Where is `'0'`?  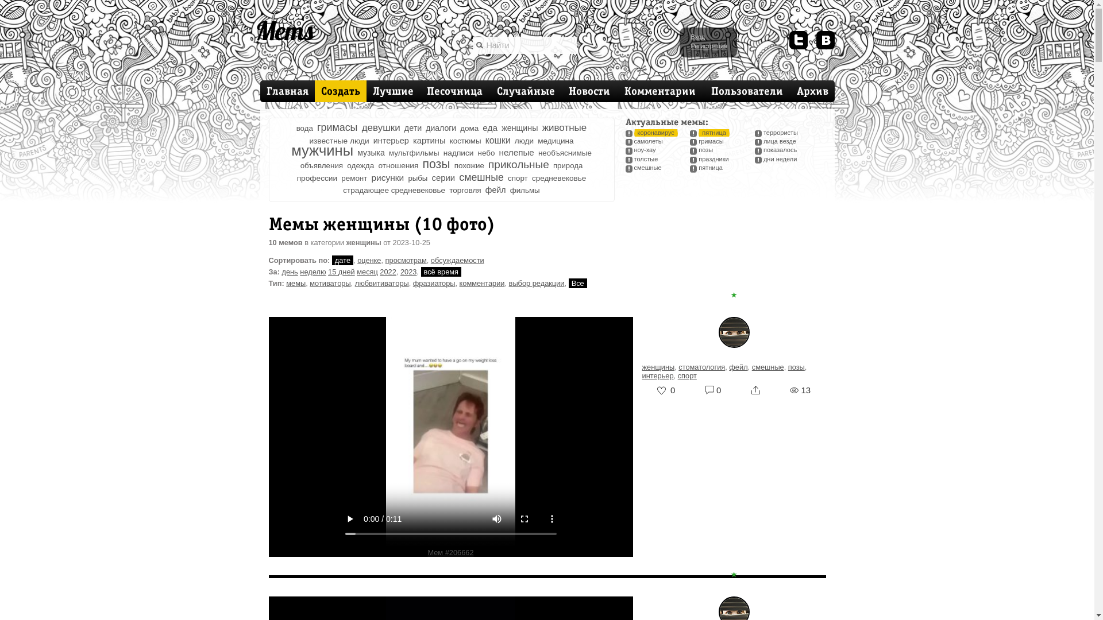
'0' is located at coordinates (712, 389).